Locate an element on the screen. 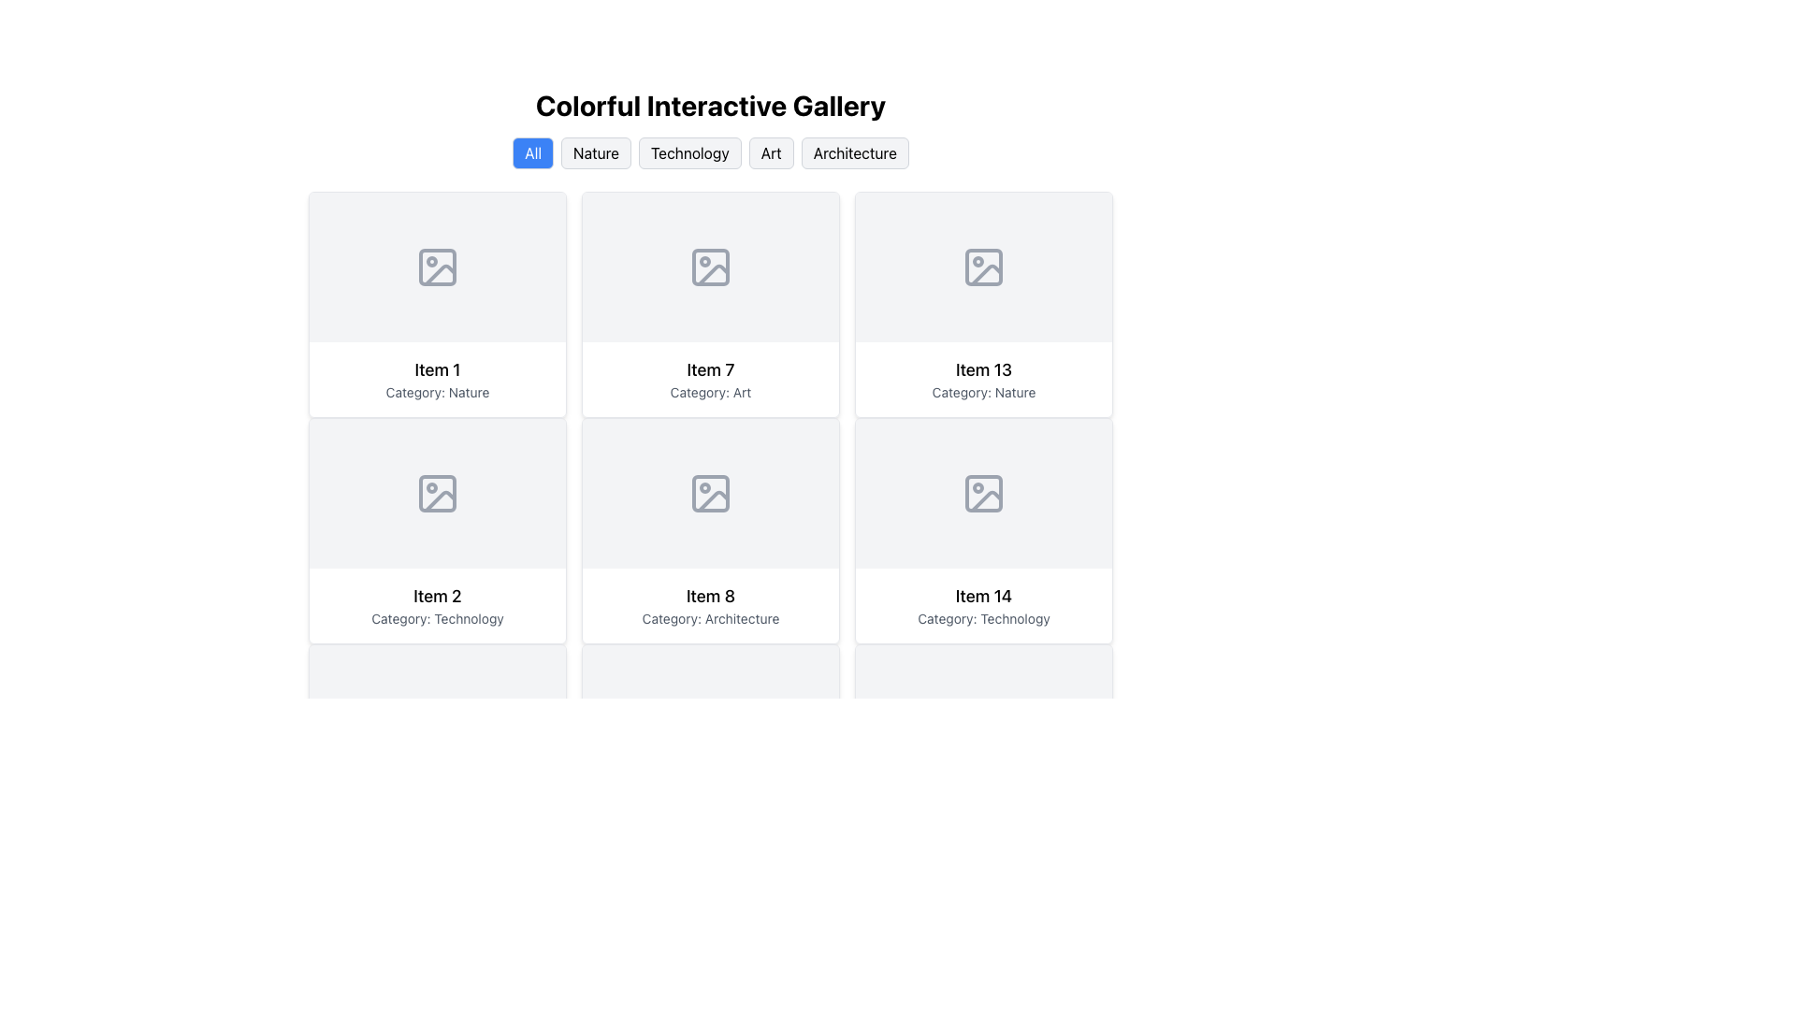 This screenshot has width=1796, height=1010. the text label displaying 'Category: Nature', which is styled in gray and positioned beneath 'Item 13' in the grid layout is located at coordinates (982, 392).